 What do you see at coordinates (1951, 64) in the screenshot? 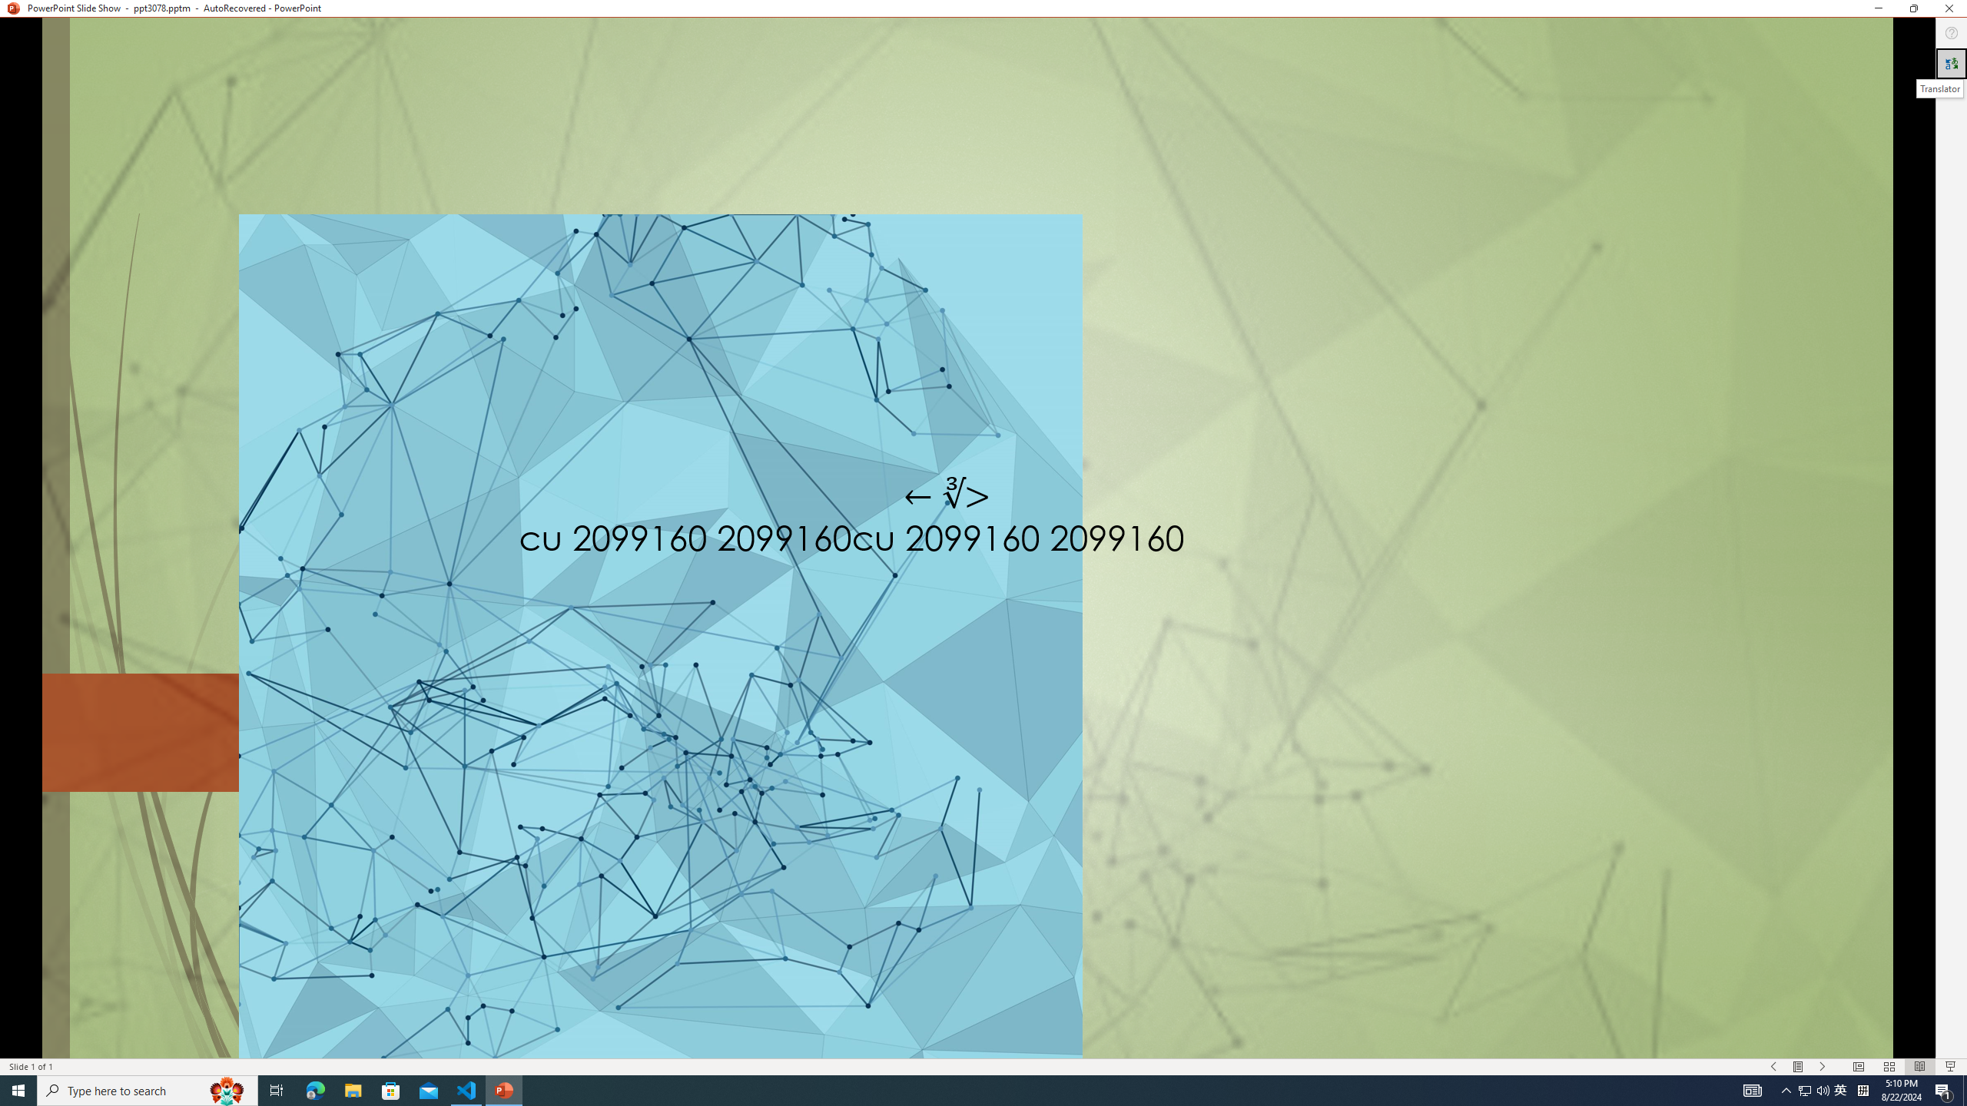
I see `'Translator'` at bounding box center [1951, 64].